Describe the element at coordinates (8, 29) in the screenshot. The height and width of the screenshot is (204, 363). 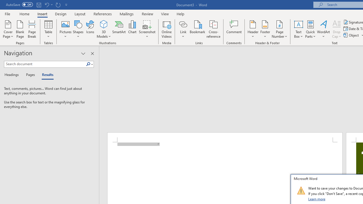
I see `'Cover Page'` at that location.